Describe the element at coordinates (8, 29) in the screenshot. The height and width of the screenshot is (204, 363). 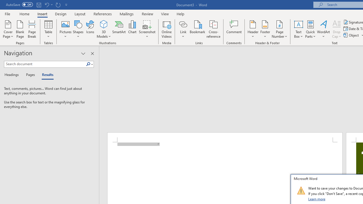
I see `'Cover Page'` at that location.